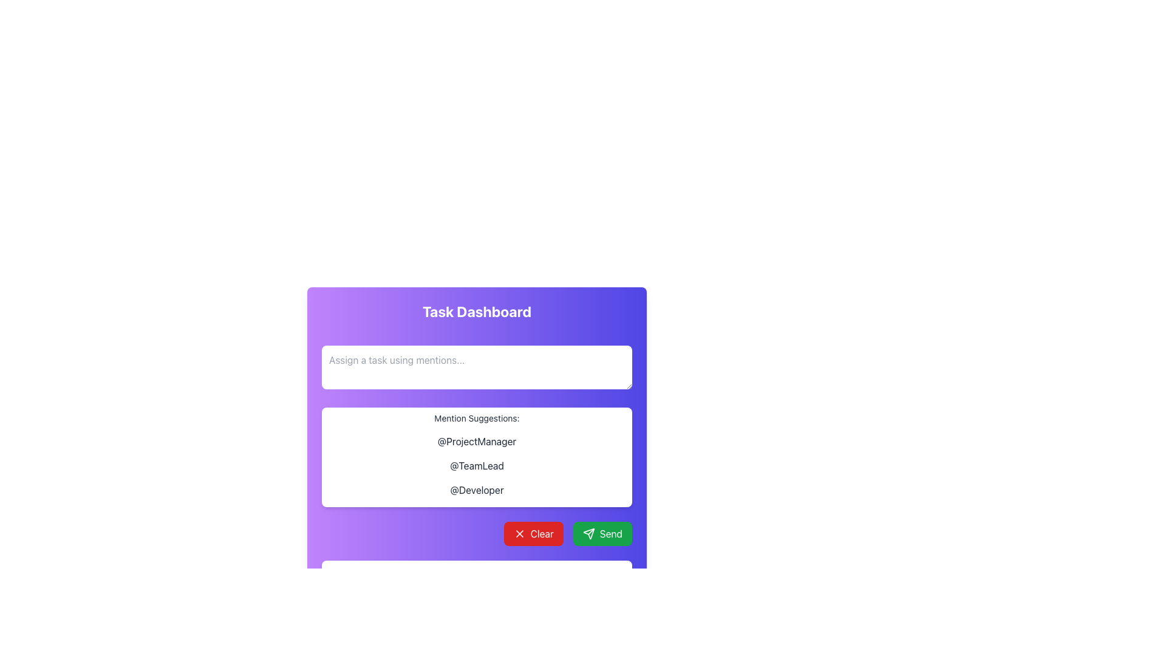  Describe the element at coordinates (519, 533) in the screenshot. I see `the 'Clear' button which contains an 'X' shaped SVG icon` at that location.